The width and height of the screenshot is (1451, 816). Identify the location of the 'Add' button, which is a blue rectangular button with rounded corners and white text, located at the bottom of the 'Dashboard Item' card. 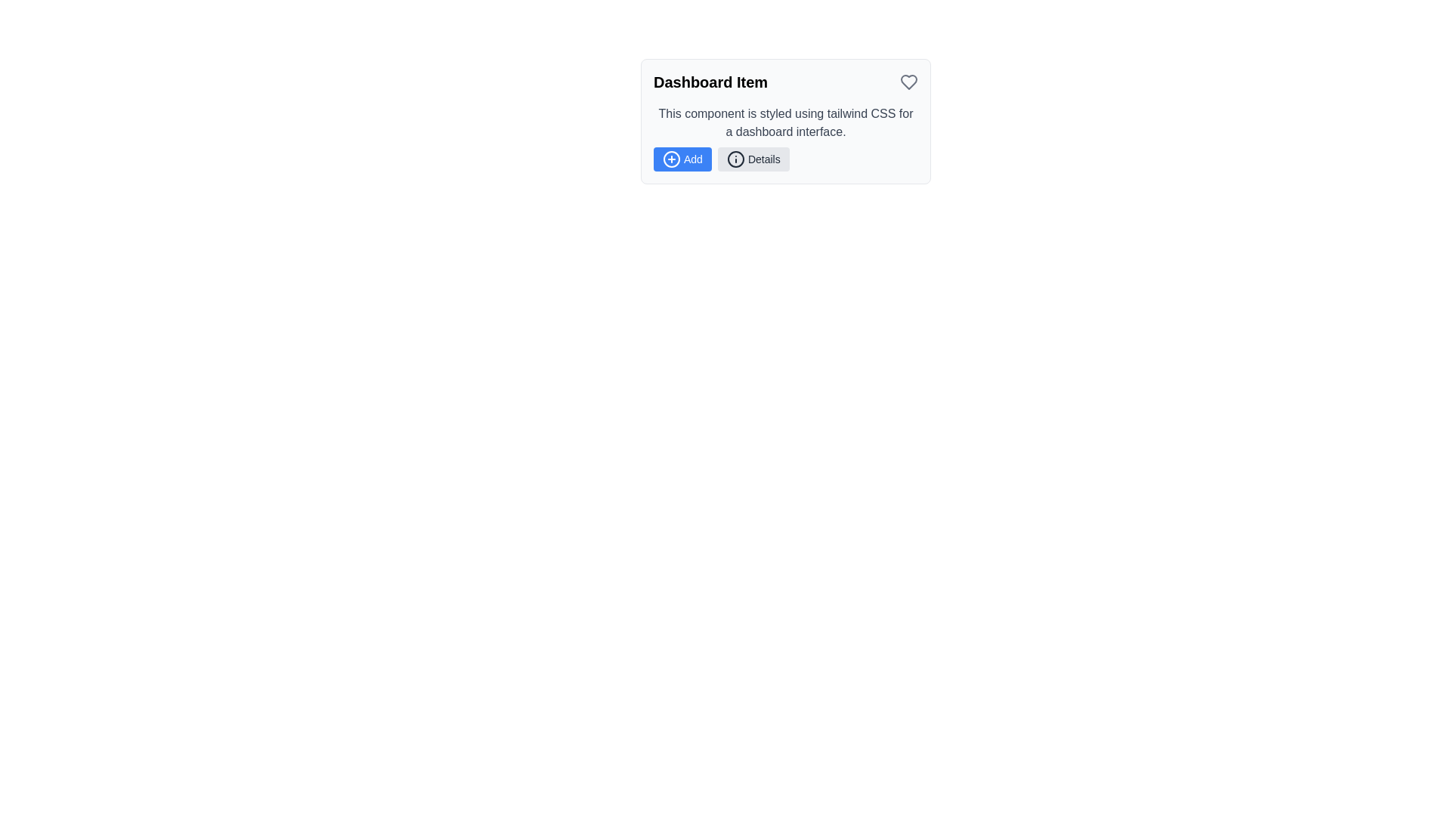
(682, 159).